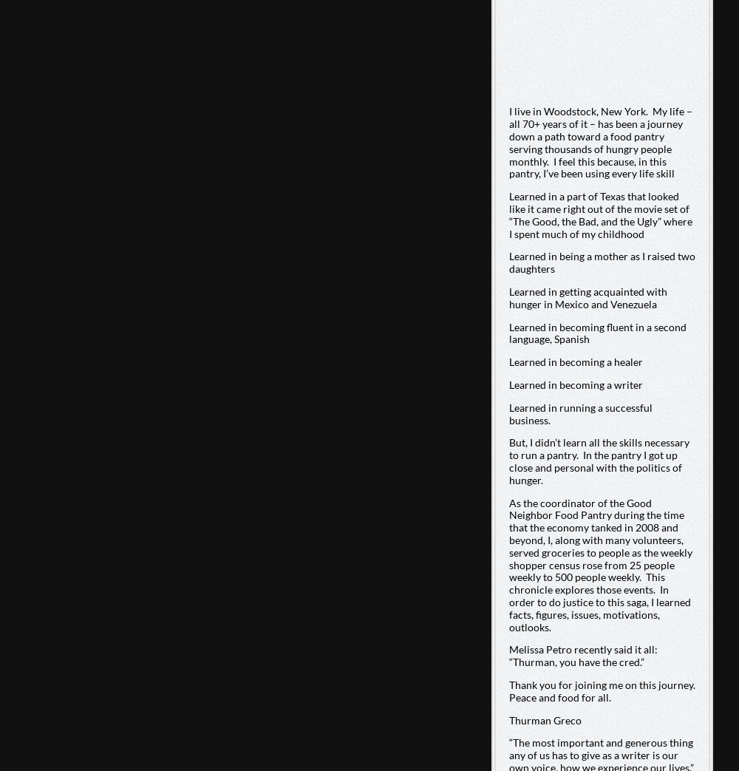 The width and height of the screenshot is (739, 771). I want to click on 'Melissa Petro recently said it all:  “Thurman, you have the cred.”', so click(584, 655).